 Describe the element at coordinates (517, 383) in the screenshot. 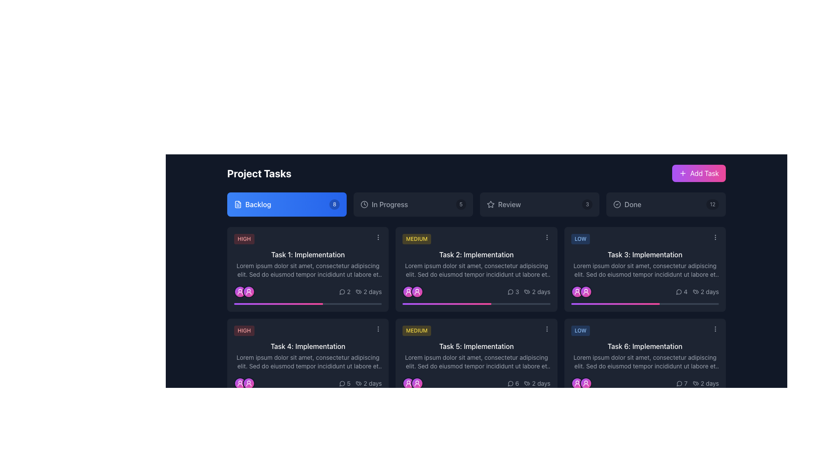

I see `numeral '6' displayed in light gray color, which indicates an item count, located within the lower right task card adjacent to the comment icon and above the time frame label` at that location.